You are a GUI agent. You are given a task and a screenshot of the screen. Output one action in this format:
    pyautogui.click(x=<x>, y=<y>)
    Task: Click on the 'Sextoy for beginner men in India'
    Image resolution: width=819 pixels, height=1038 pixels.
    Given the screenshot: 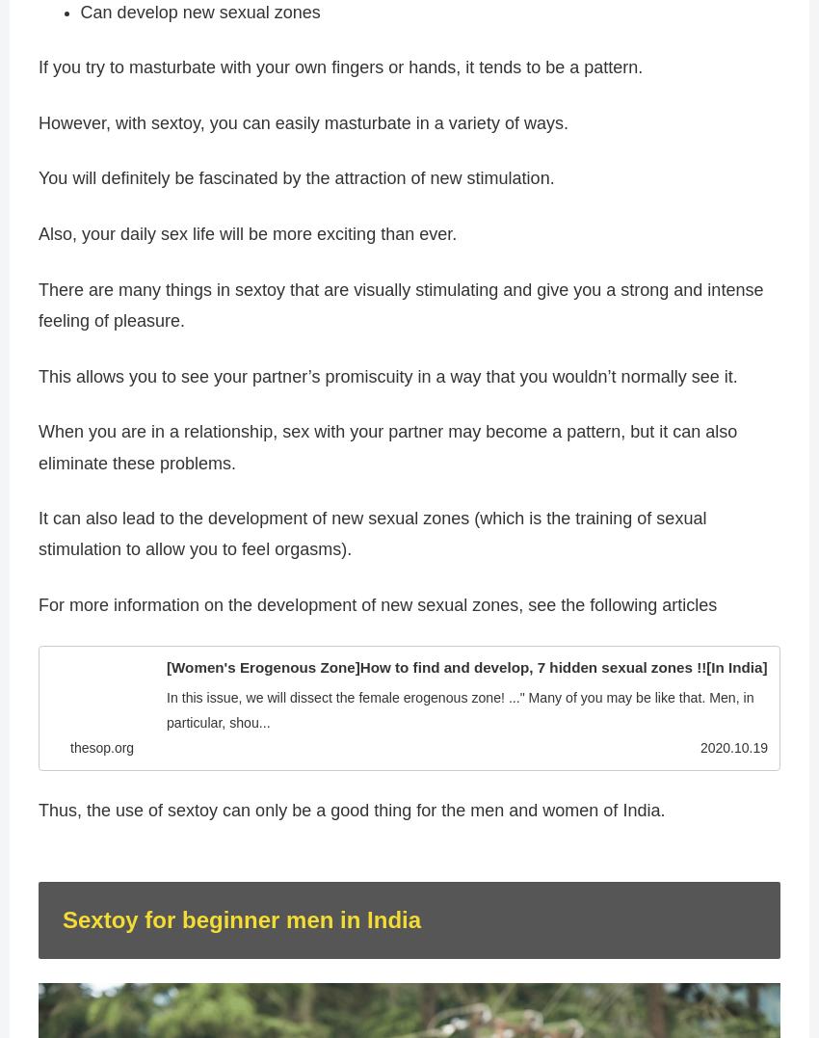 What is the action you would take?
    pyautogui.click(x=63, y=920)
    